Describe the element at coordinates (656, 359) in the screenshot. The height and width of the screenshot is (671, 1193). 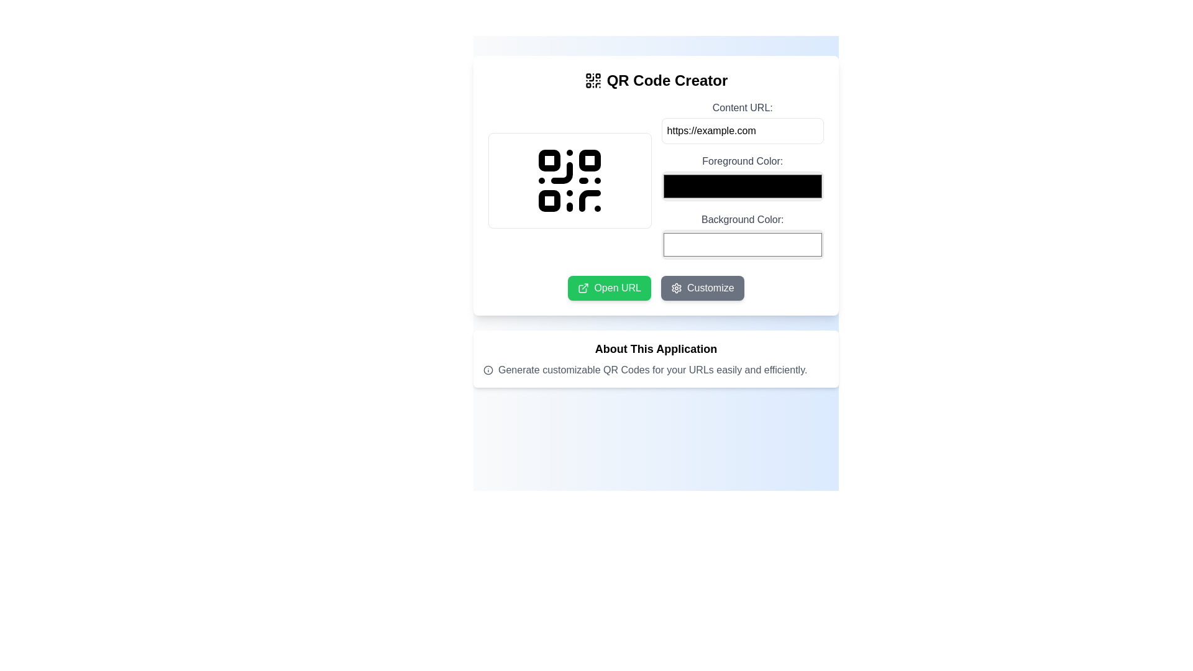
I see `the informational content section that provides details about generating customizable QR codes for URLs, located at the bottom of the main interface` at that location.